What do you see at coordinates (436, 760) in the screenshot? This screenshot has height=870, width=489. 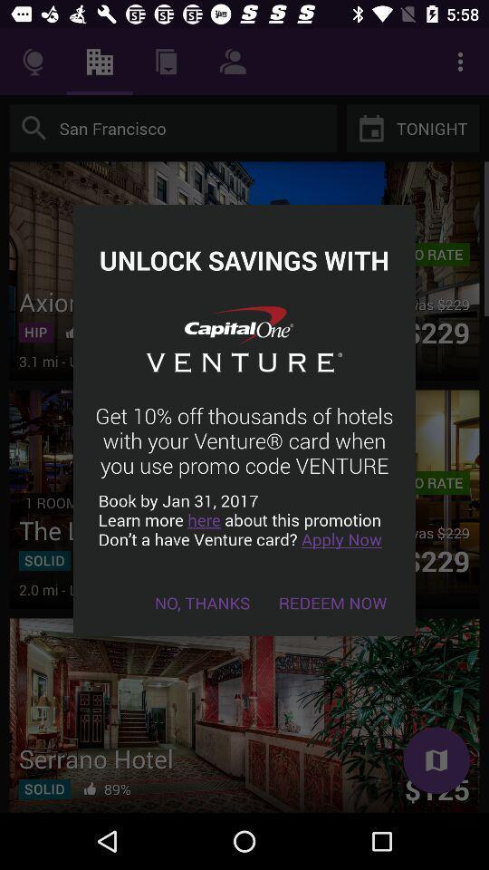 I see `the bottom right symbol` at bounding box center [436, 760].